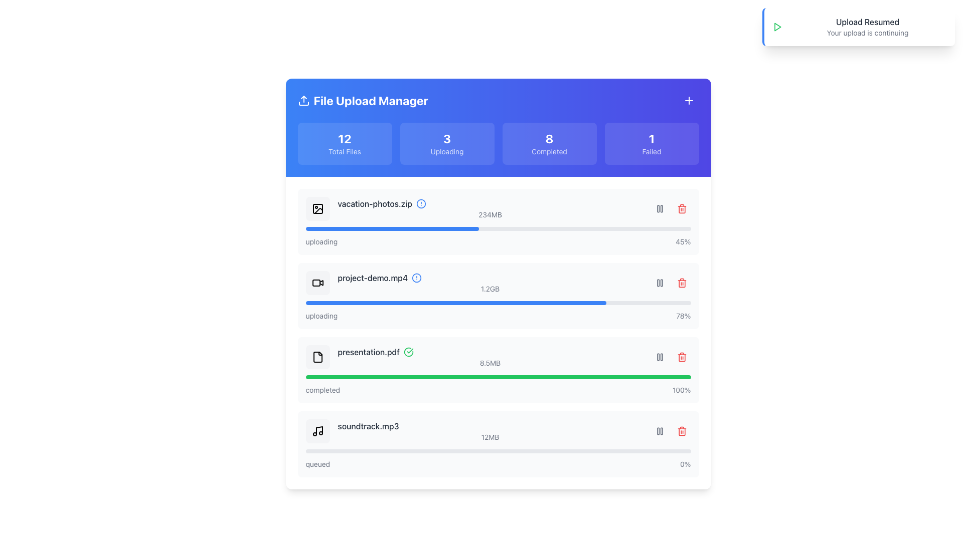  I want to click on the pause button located to the right of 'soundtrack.mp3' in the file list, so click(660, 430).